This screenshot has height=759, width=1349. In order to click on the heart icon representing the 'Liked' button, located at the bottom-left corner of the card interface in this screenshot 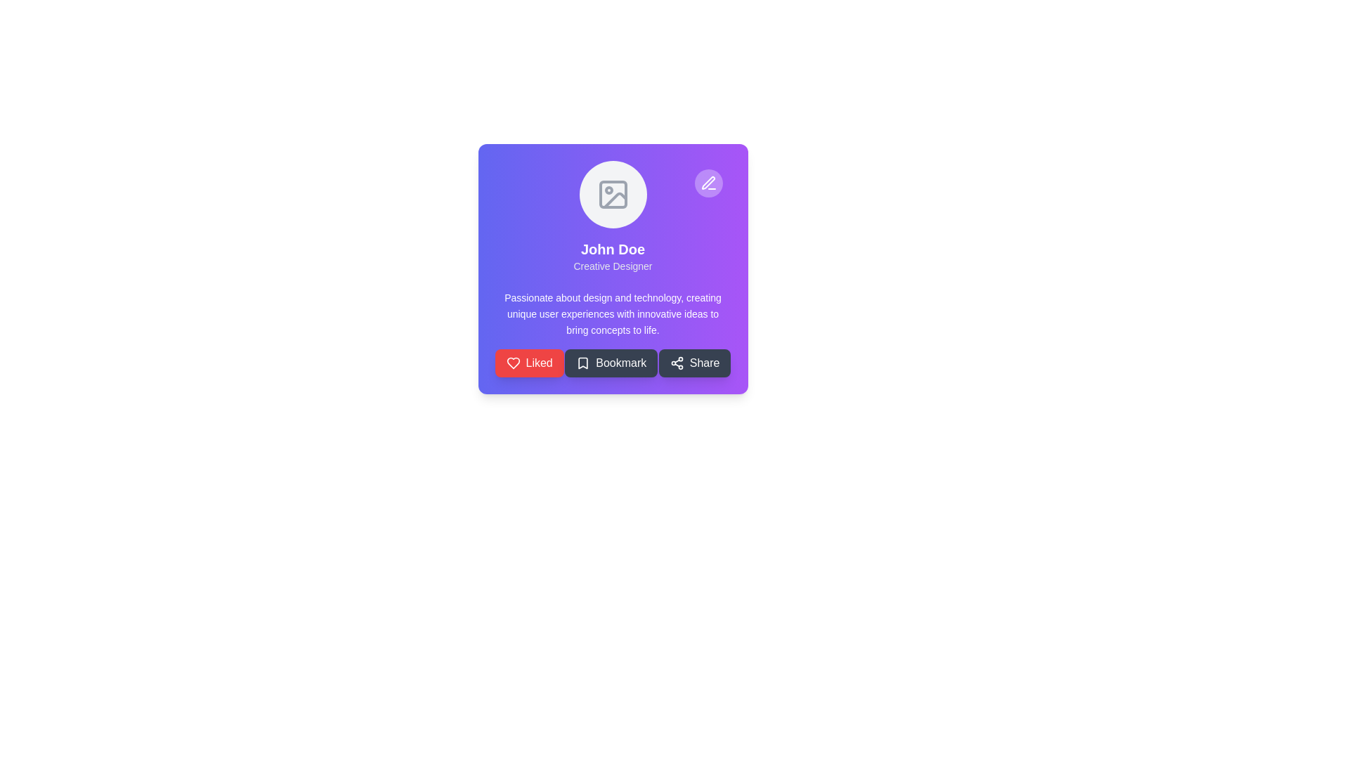, I will do `click(512, 363)`.